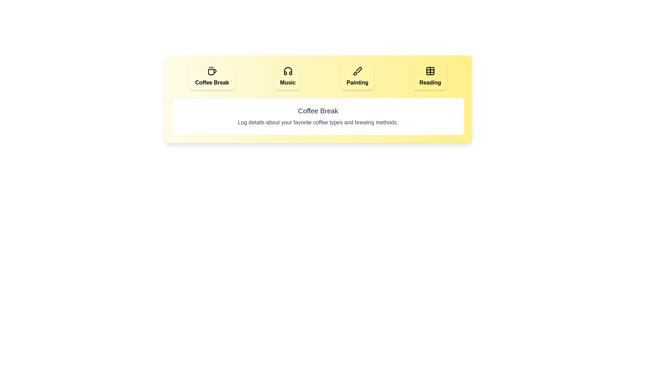 The image size is (660, 371). I want to click on the static text display that provides additional details about the 'Coffee Break' topic, located beneath the heading 'Coffee Break' in a white card-like section, so click(318, 122).